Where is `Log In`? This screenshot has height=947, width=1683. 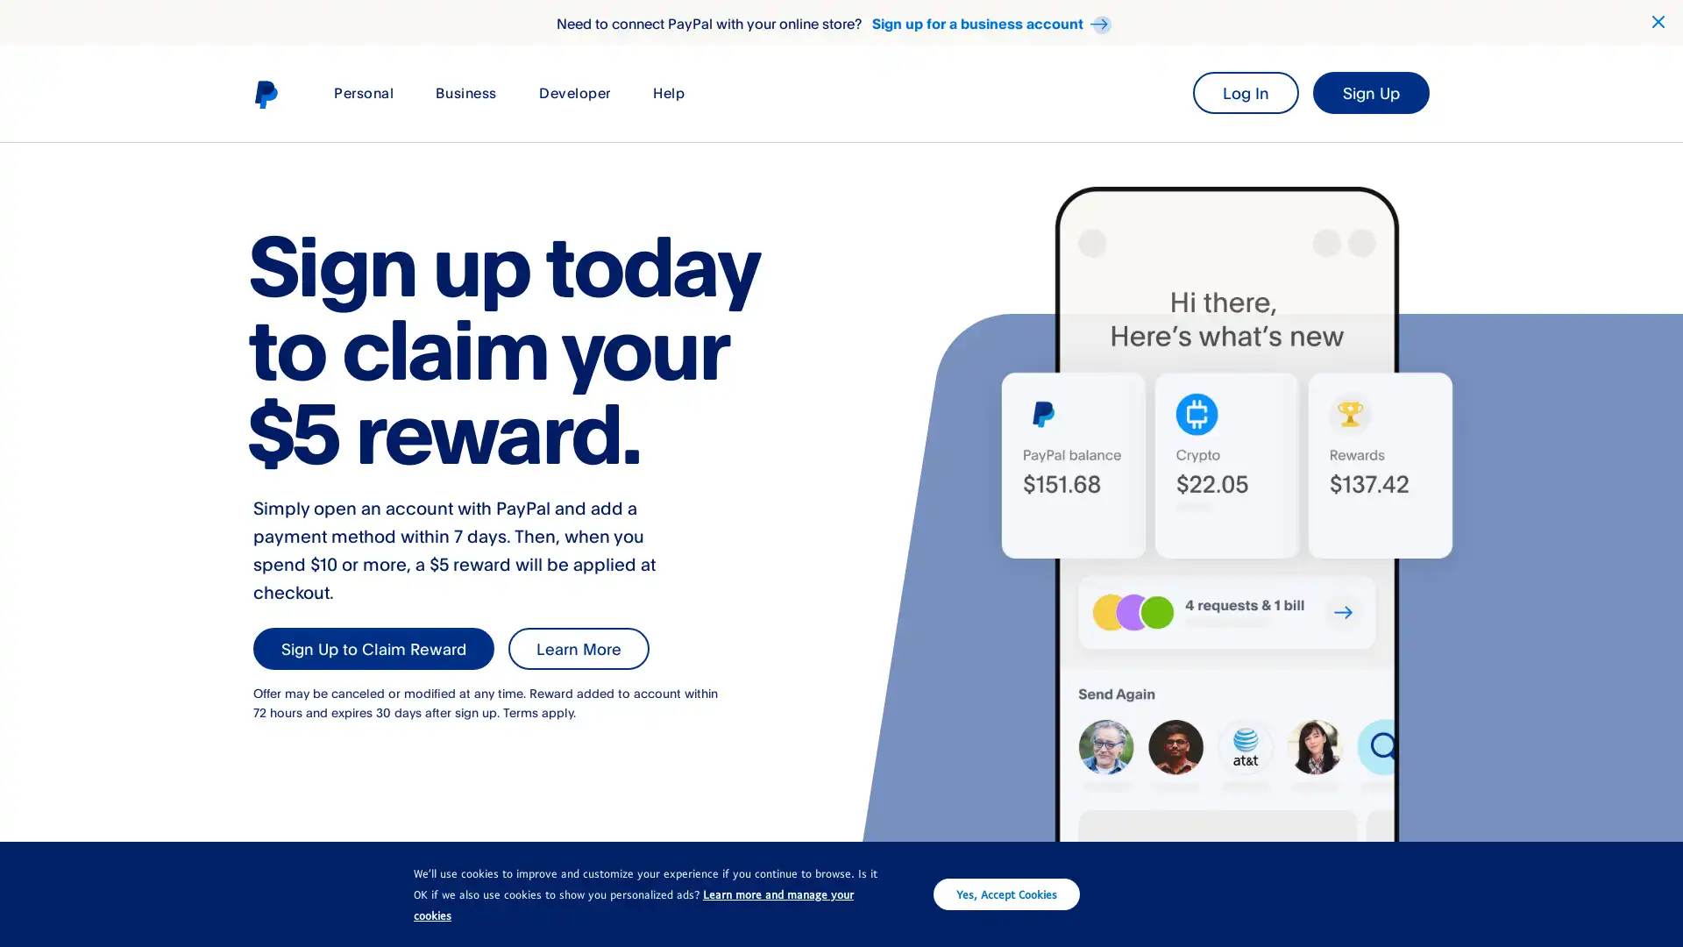 Log In is located at coordinates (1245, 92).